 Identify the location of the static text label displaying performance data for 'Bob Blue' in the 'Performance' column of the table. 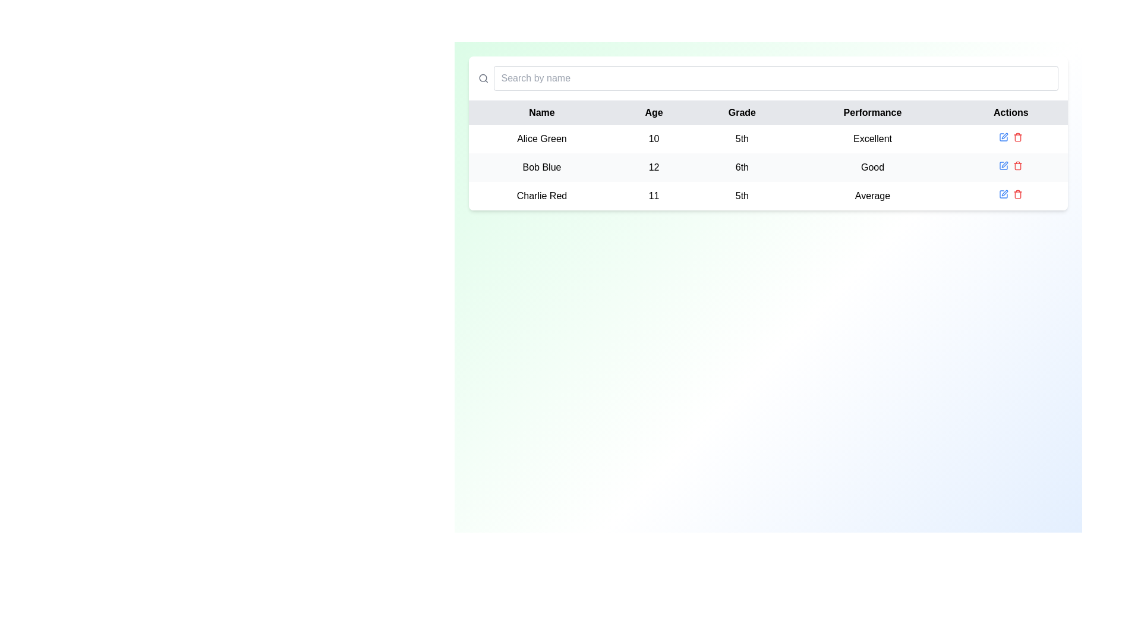
(872, 167).